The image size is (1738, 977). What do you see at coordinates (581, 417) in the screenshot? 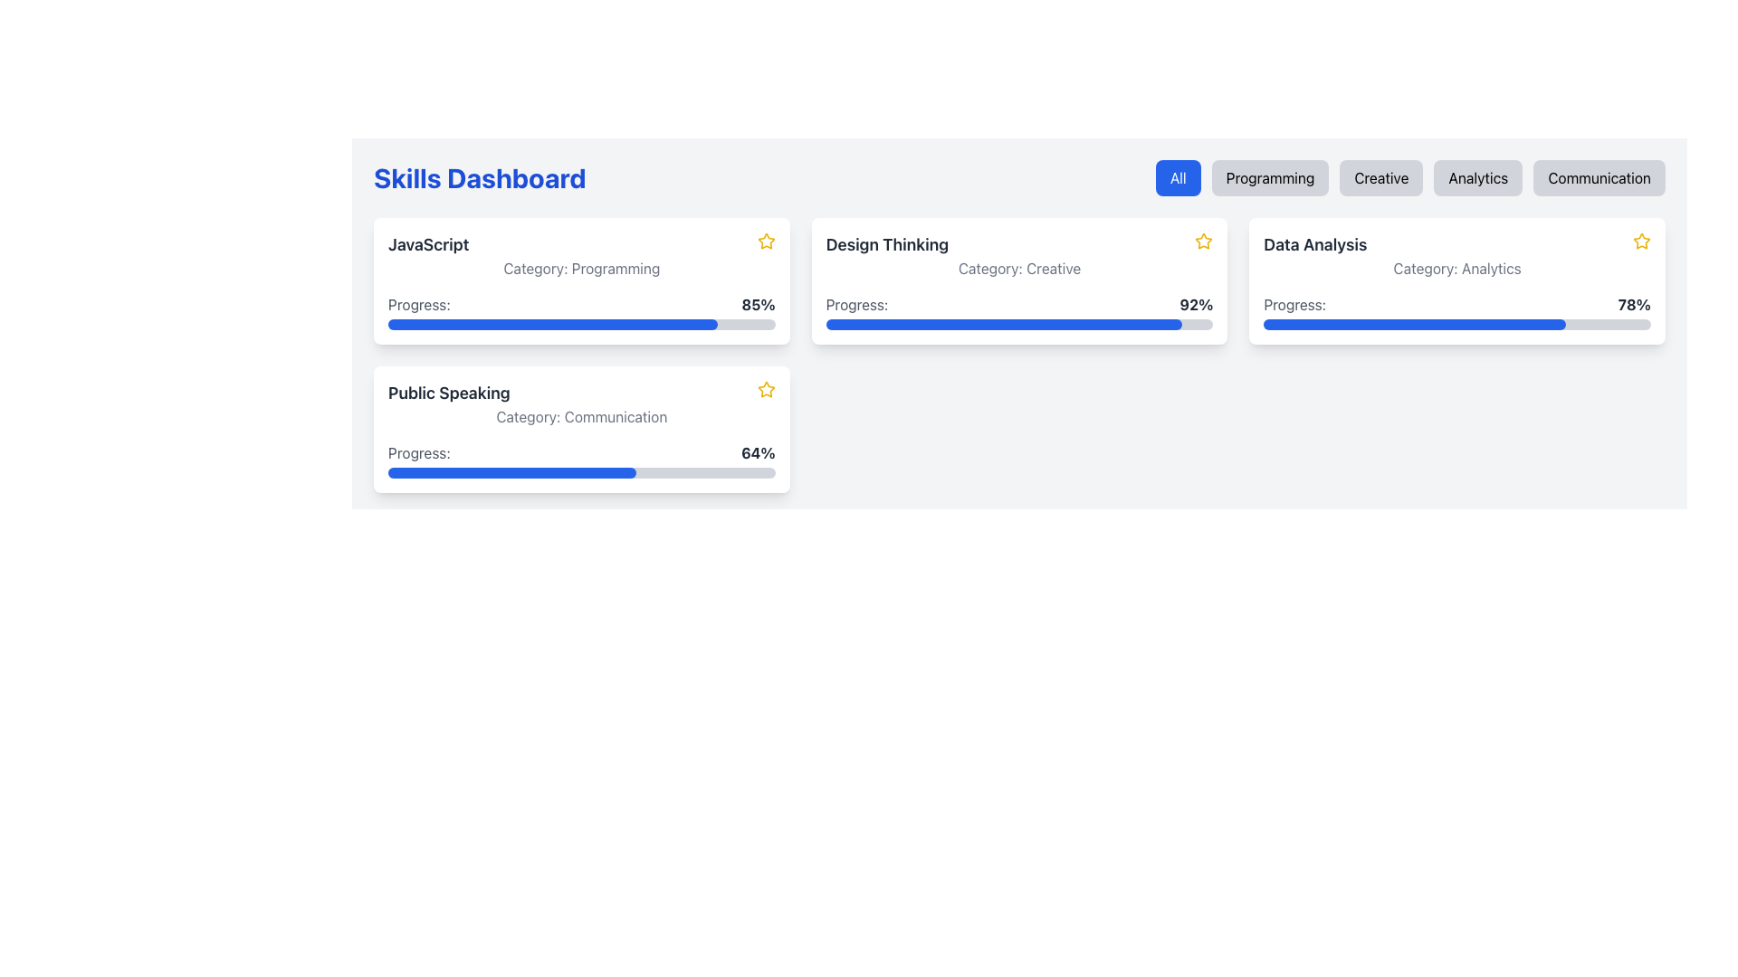
I see `the 'Communication' category descriptor text label, which is positioned below 'Public Speaking' and above 'Progress: 64%' in the second row of the card layout` at bounding box center [581, 417].